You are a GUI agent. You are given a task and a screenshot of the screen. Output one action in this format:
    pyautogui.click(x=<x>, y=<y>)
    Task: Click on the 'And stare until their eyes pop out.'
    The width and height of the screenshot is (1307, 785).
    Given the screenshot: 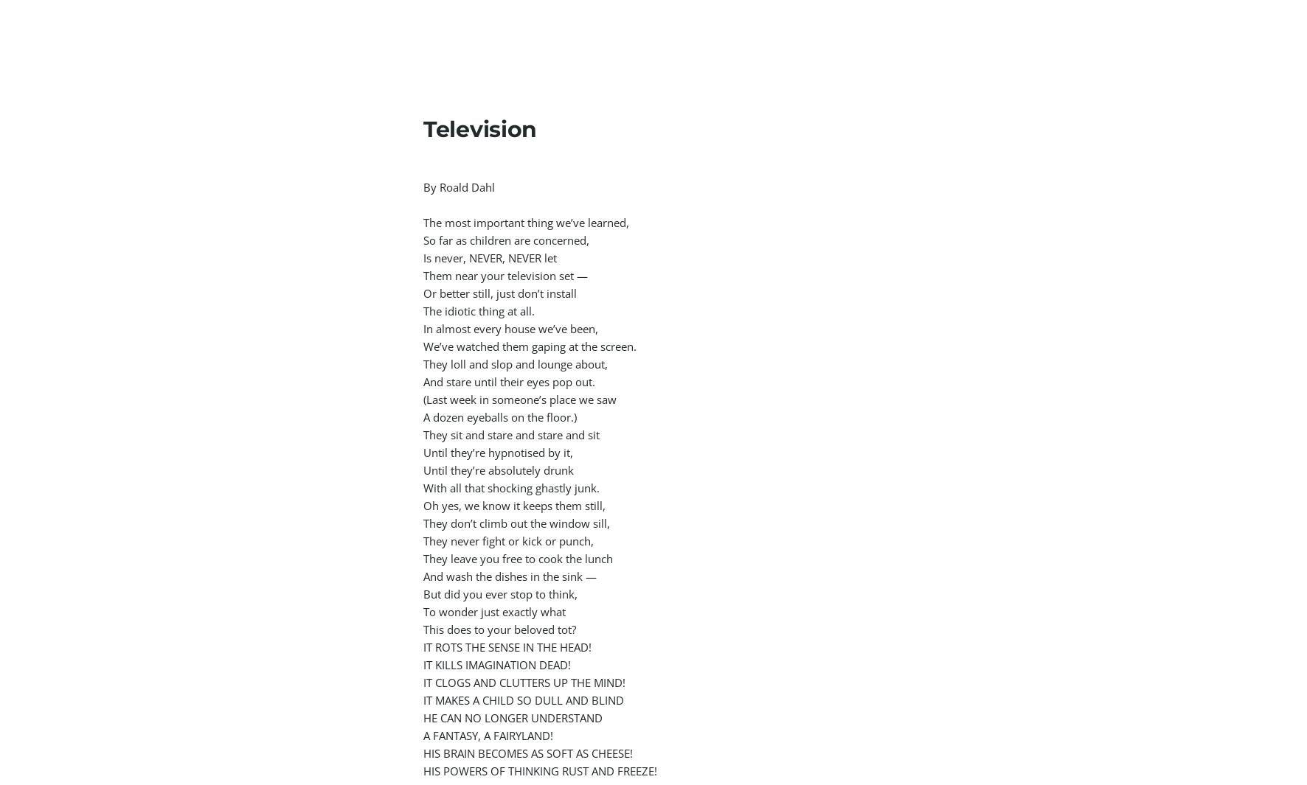 What is the action you would take?
    pyautogui.click(x=510, y=381)
    